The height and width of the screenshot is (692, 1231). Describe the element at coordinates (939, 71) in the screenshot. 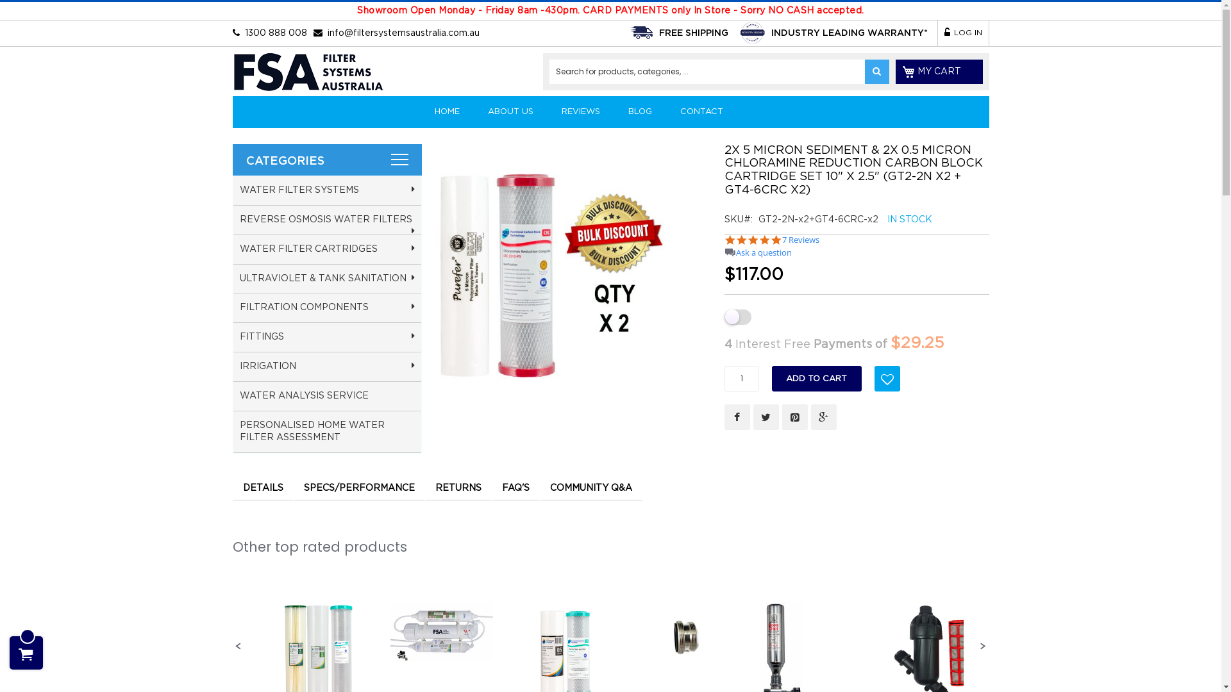

I see `'MY CART'` at that location.